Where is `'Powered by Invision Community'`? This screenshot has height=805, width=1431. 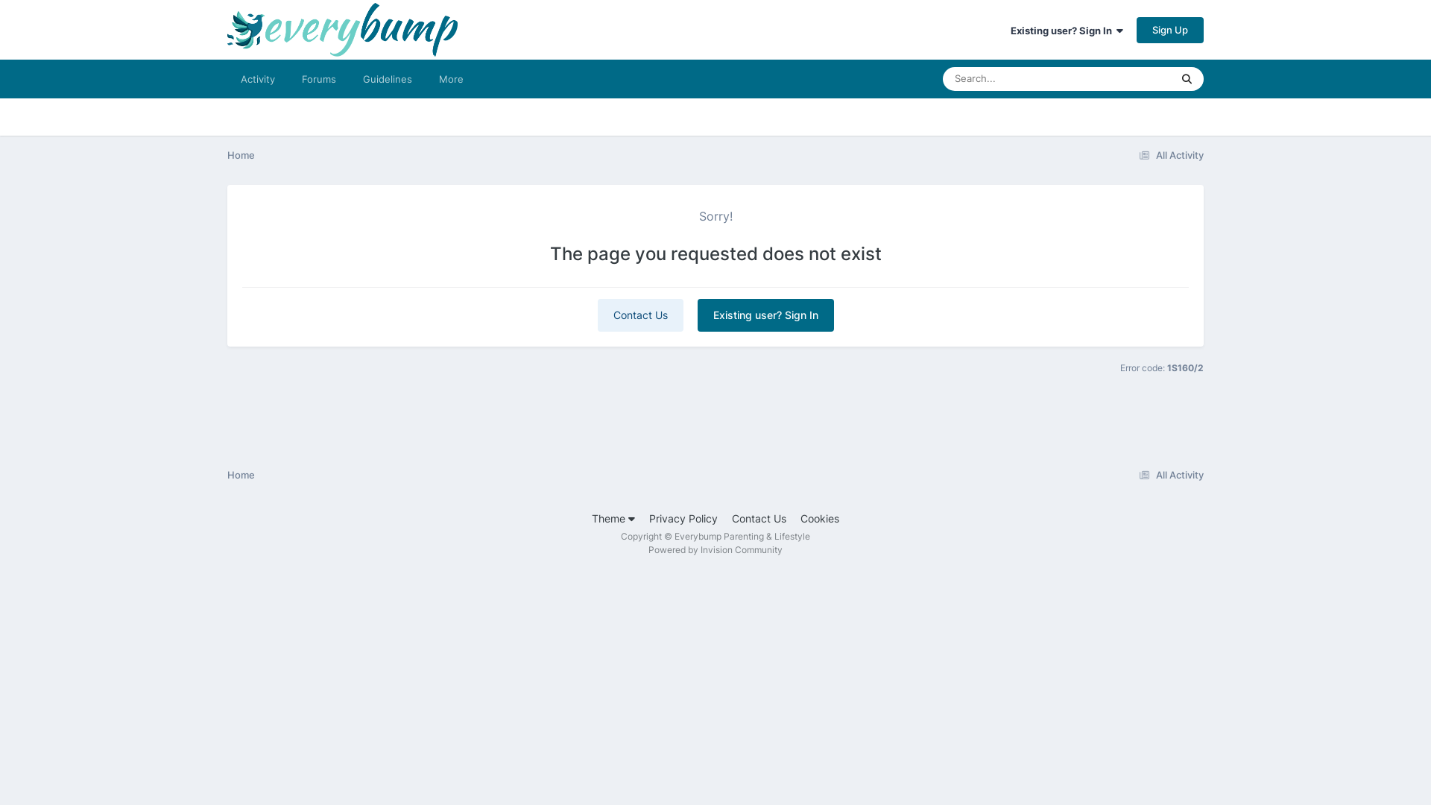 'Powered by Invision Community' is located at coordinates (715, 549).